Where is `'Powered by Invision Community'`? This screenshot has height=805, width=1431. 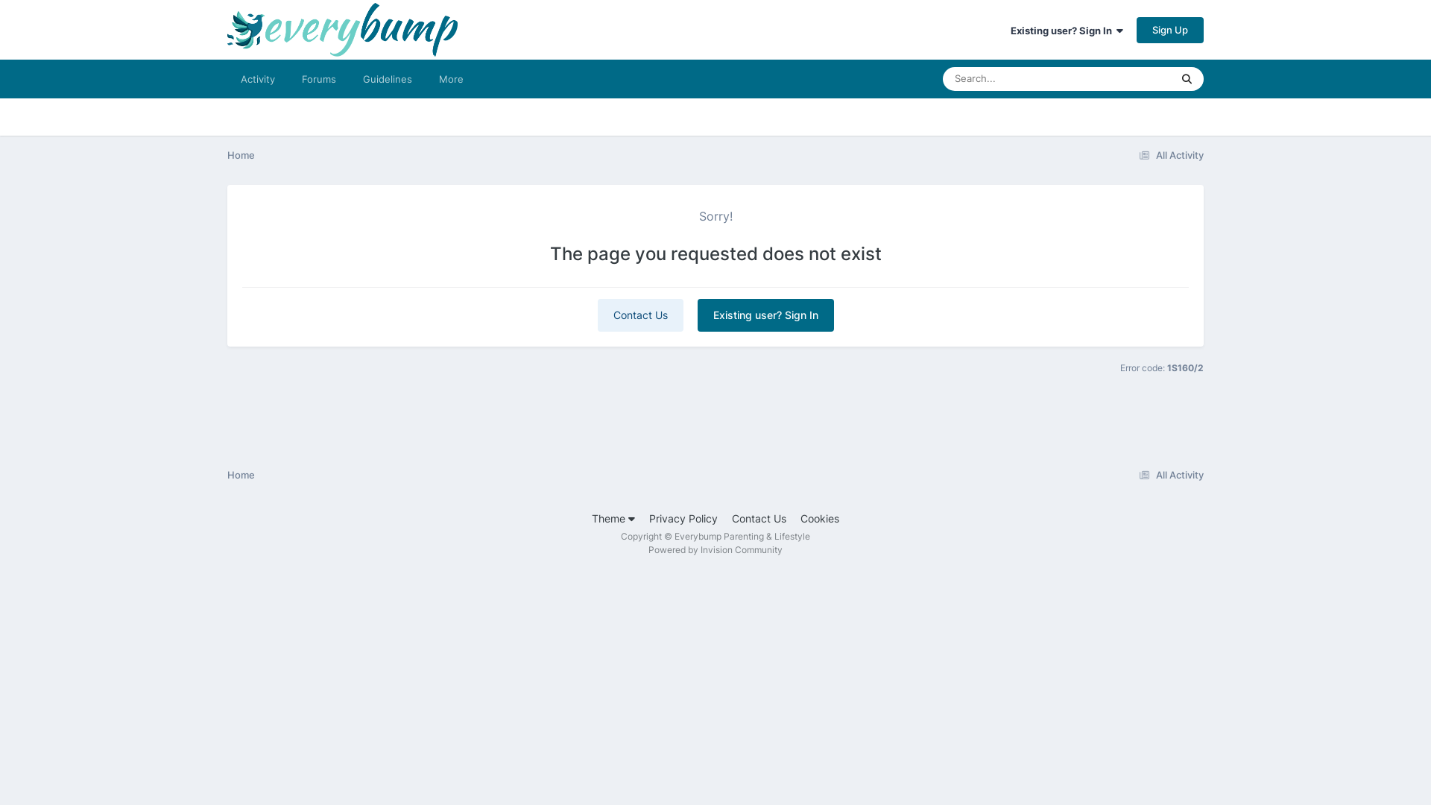 'Powered by Invision Community' is located at coordinates (715, 549).